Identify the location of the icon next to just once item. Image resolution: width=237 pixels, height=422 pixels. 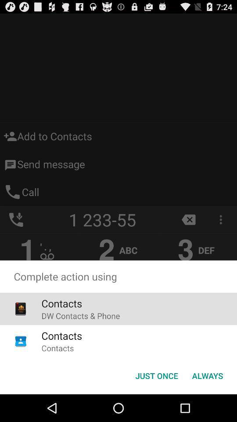
(207, 375).